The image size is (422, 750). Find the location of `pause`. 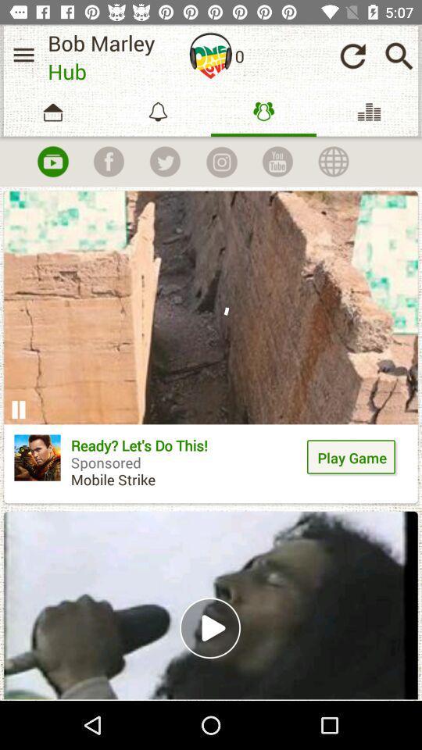

pause is located at coordinates (17, 409).